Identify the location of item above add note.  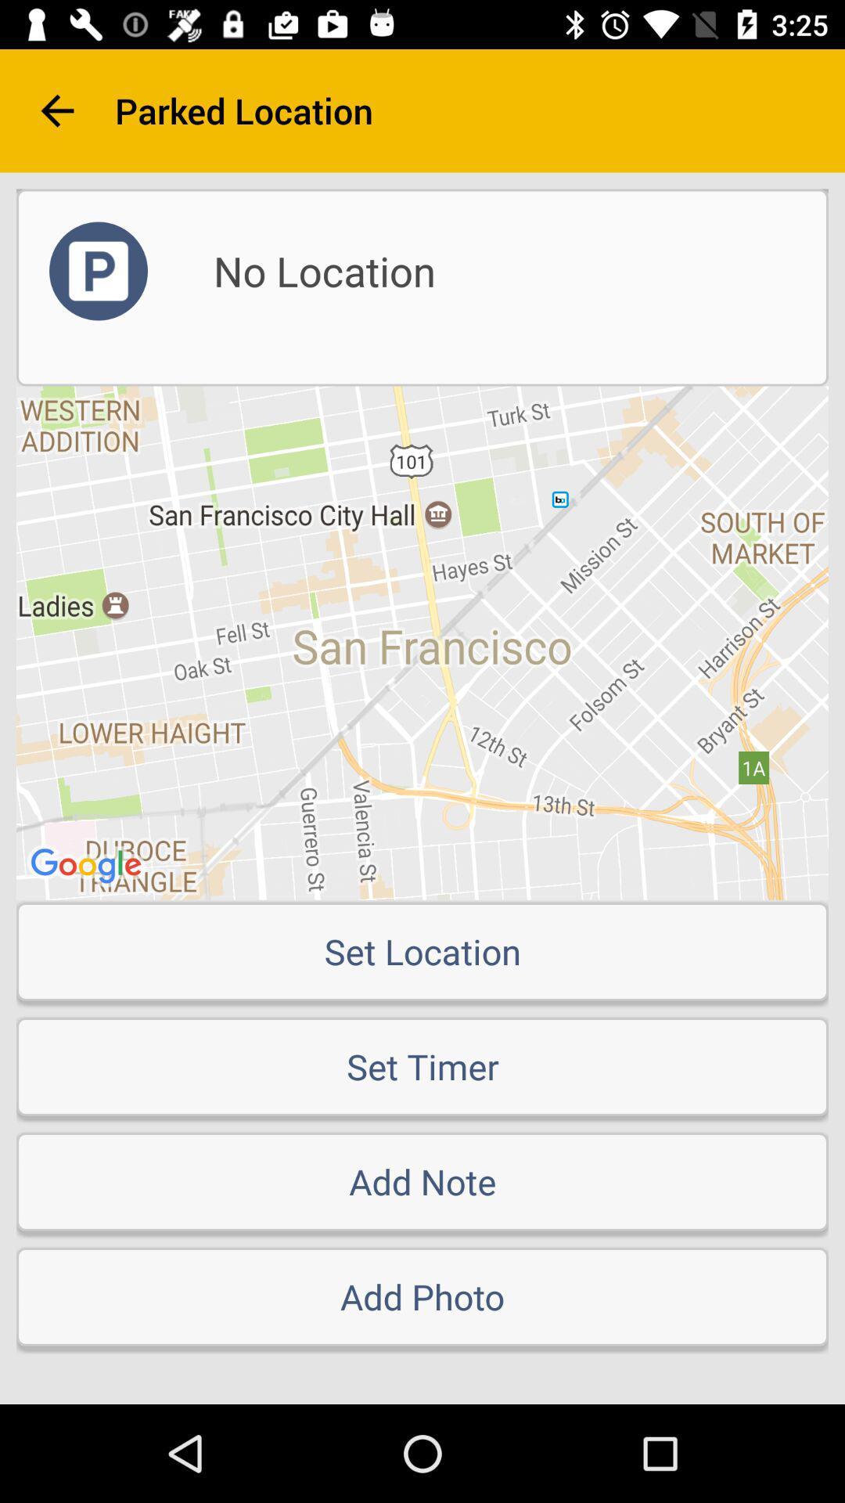
(422, 1065).